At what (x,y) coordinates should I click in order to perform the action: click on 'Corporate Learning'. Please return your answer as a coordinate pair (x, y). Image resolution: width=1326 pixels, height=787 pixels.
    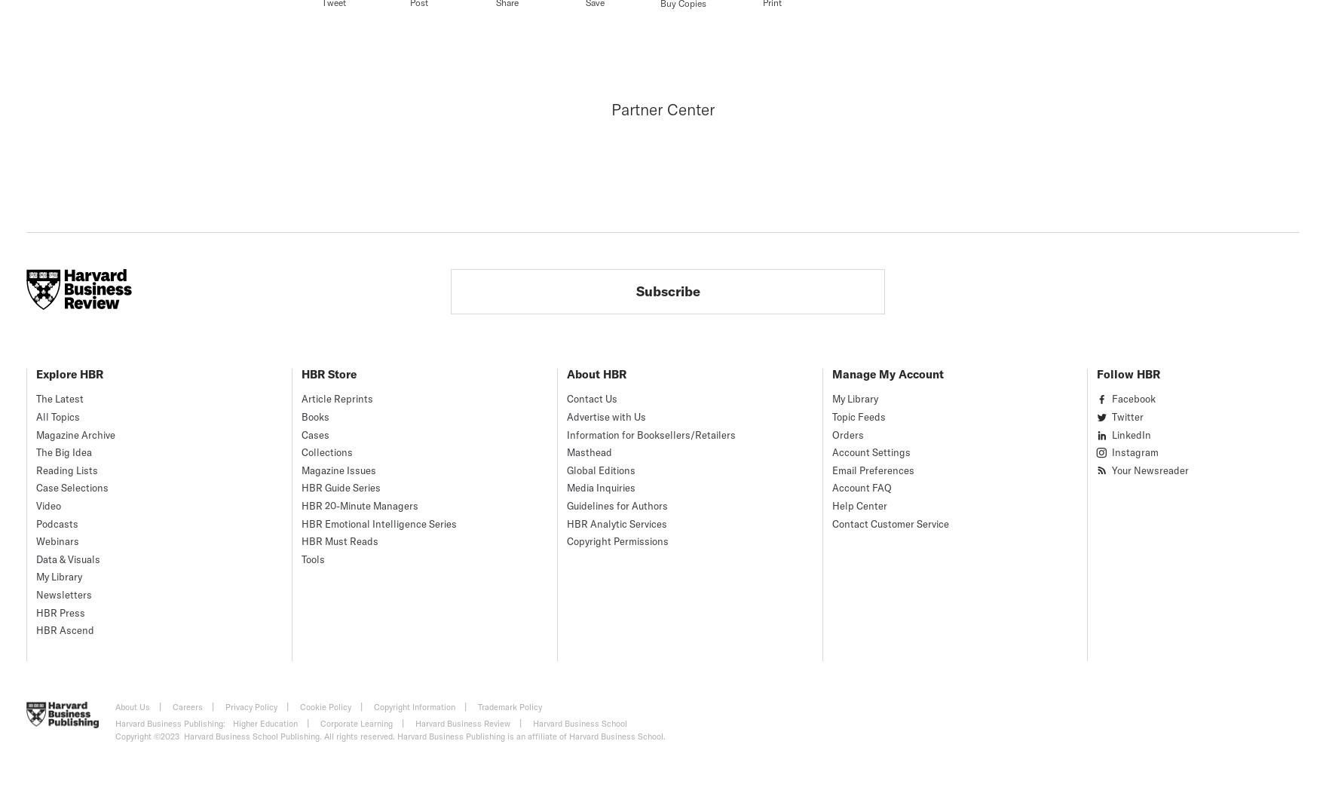
    Looking at the image, I should click on (355, 722).